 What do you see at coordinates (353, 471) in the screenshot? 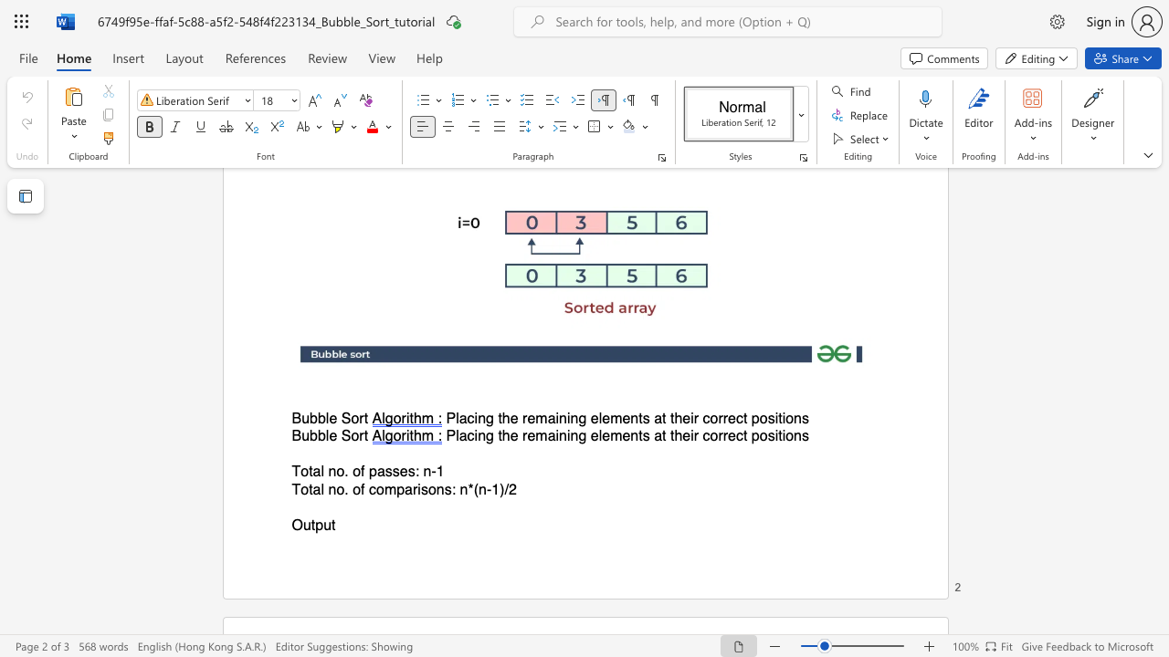
I see `the subset text "of p" within the text "Total no. of passes: n-1"` at bounding box center [353, 471].